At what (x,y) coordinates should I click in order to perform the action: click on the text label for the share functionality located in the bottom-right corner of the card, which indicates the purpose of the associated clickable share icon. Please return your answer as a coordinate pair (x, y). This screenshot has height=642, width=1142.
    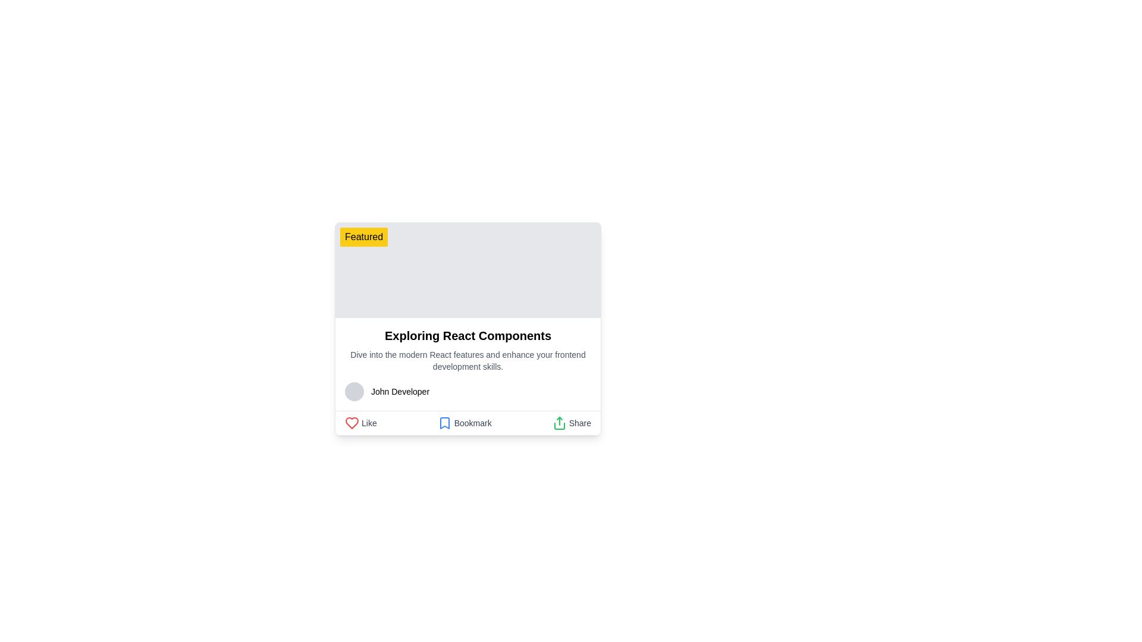
    Looking at the image, I should click on (580, 423).